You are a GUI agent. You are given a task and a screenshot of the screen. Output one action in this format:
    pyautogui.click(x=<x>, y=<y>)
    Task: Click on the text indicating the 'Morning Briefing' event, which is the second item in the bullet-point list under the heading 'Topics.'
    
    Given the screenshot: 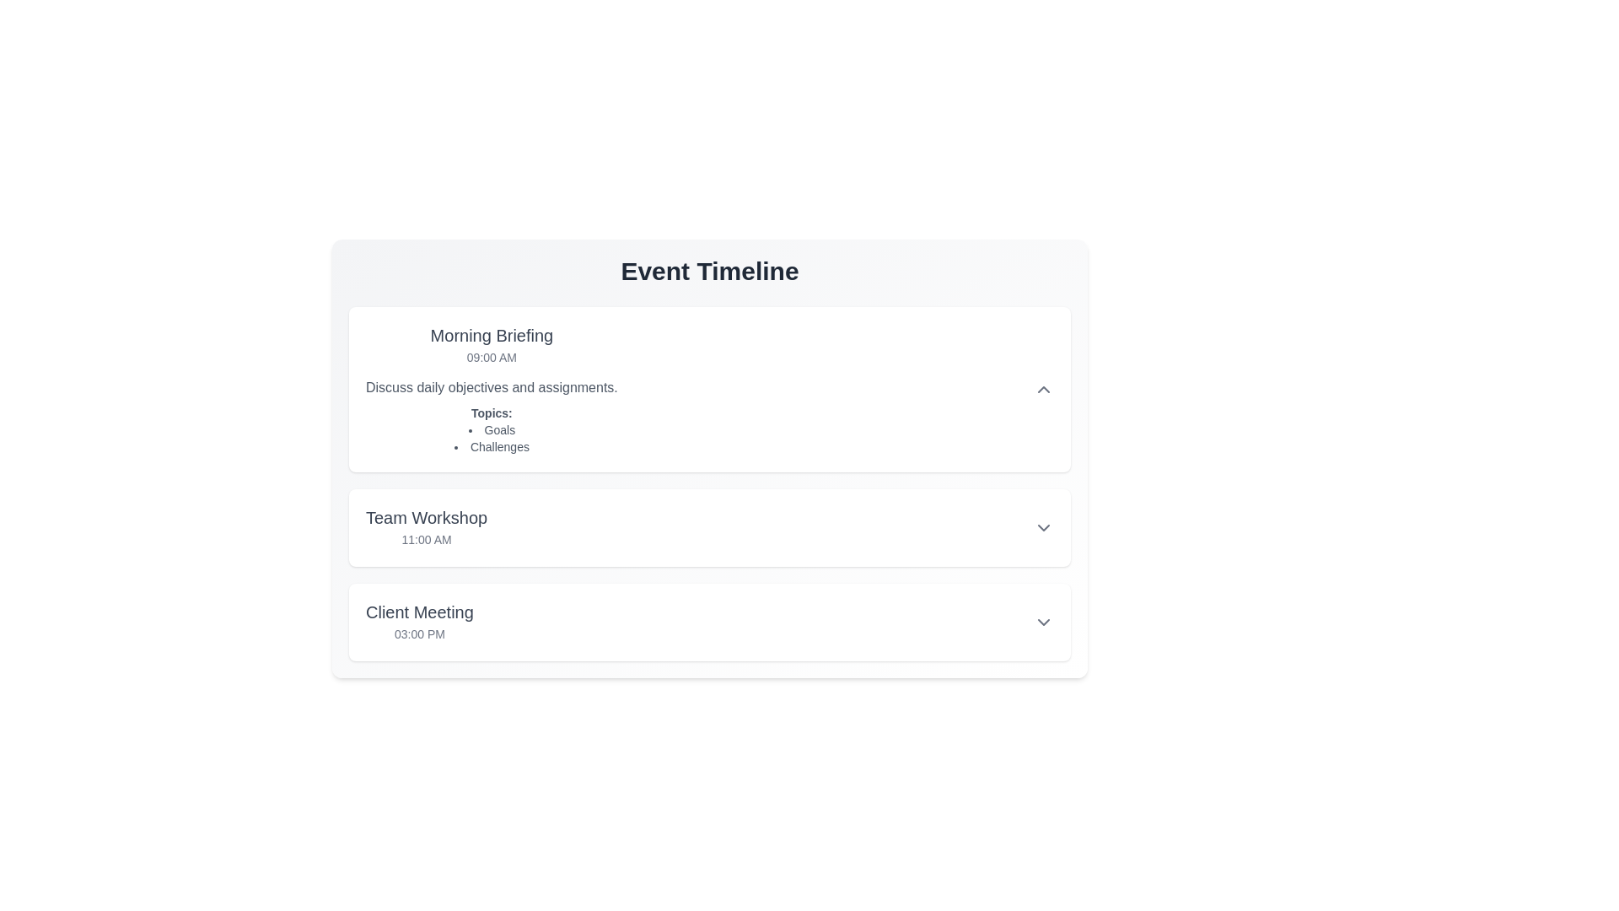 What is the action you would take?
    pyautogui.click(x=491, y=445)
    